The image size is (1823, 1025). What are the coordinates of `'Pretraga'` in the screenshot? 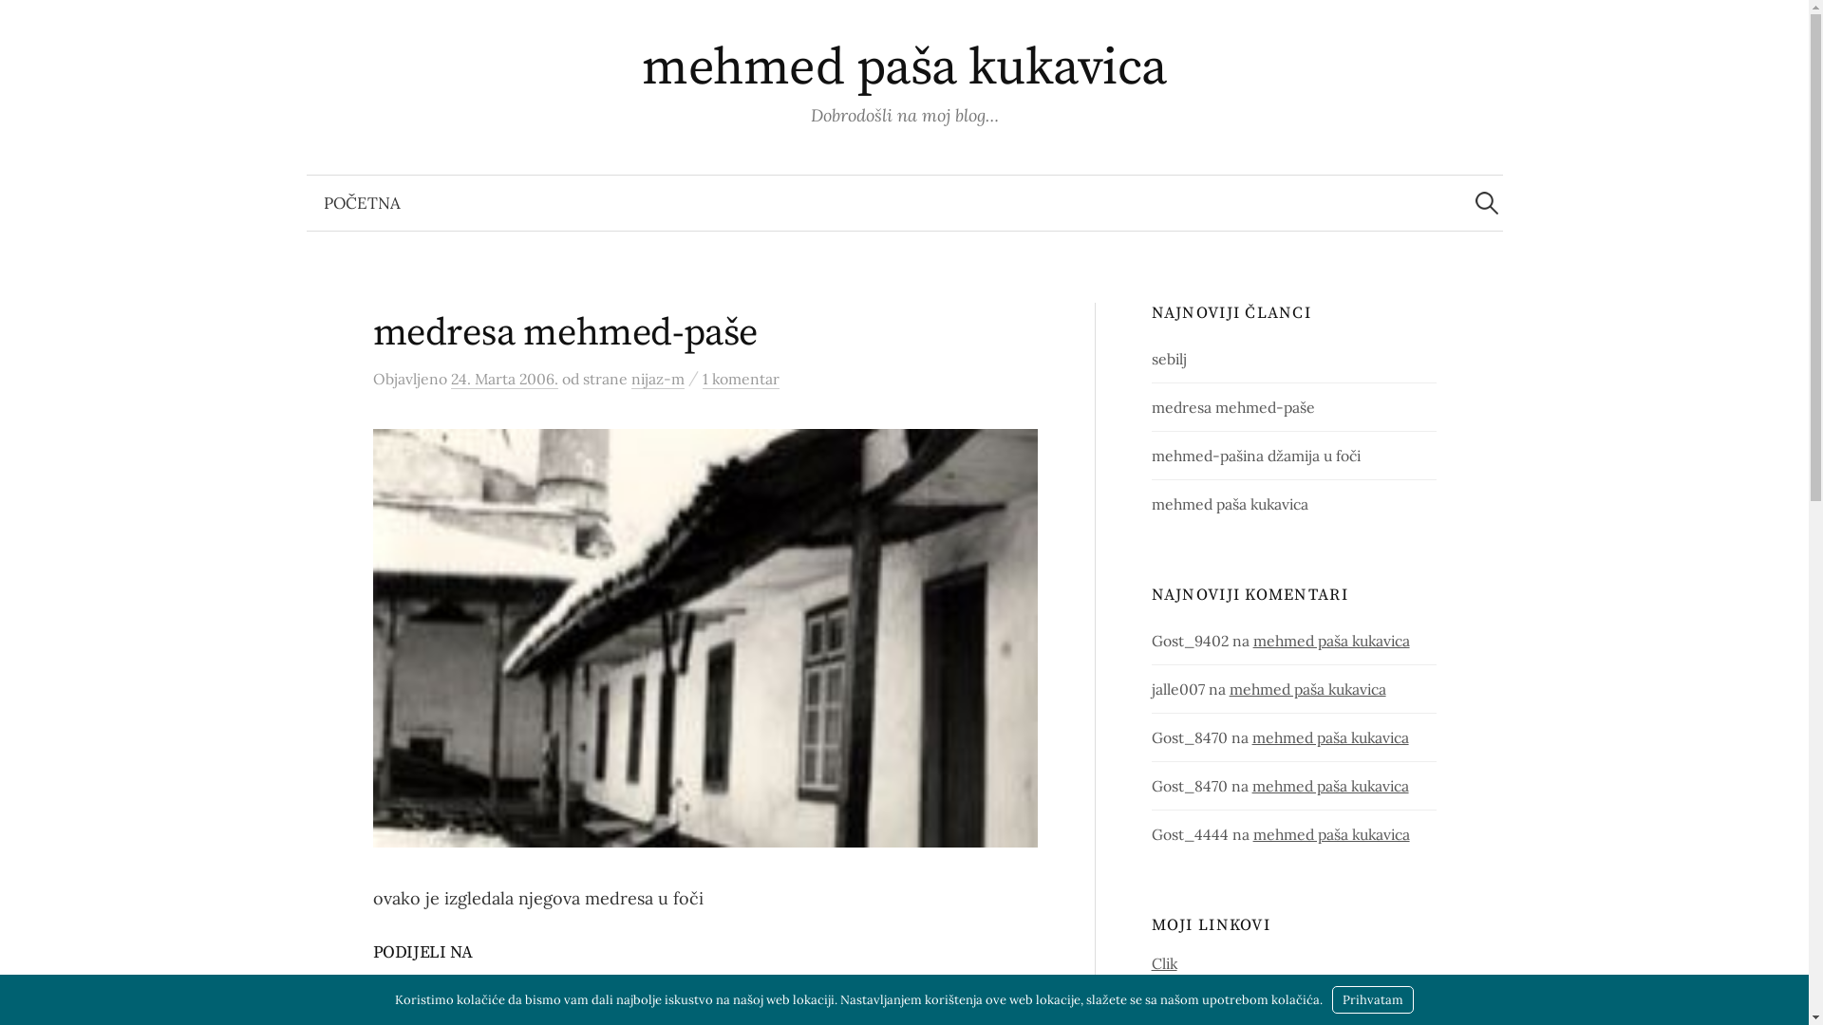 It's located at (23, 23).